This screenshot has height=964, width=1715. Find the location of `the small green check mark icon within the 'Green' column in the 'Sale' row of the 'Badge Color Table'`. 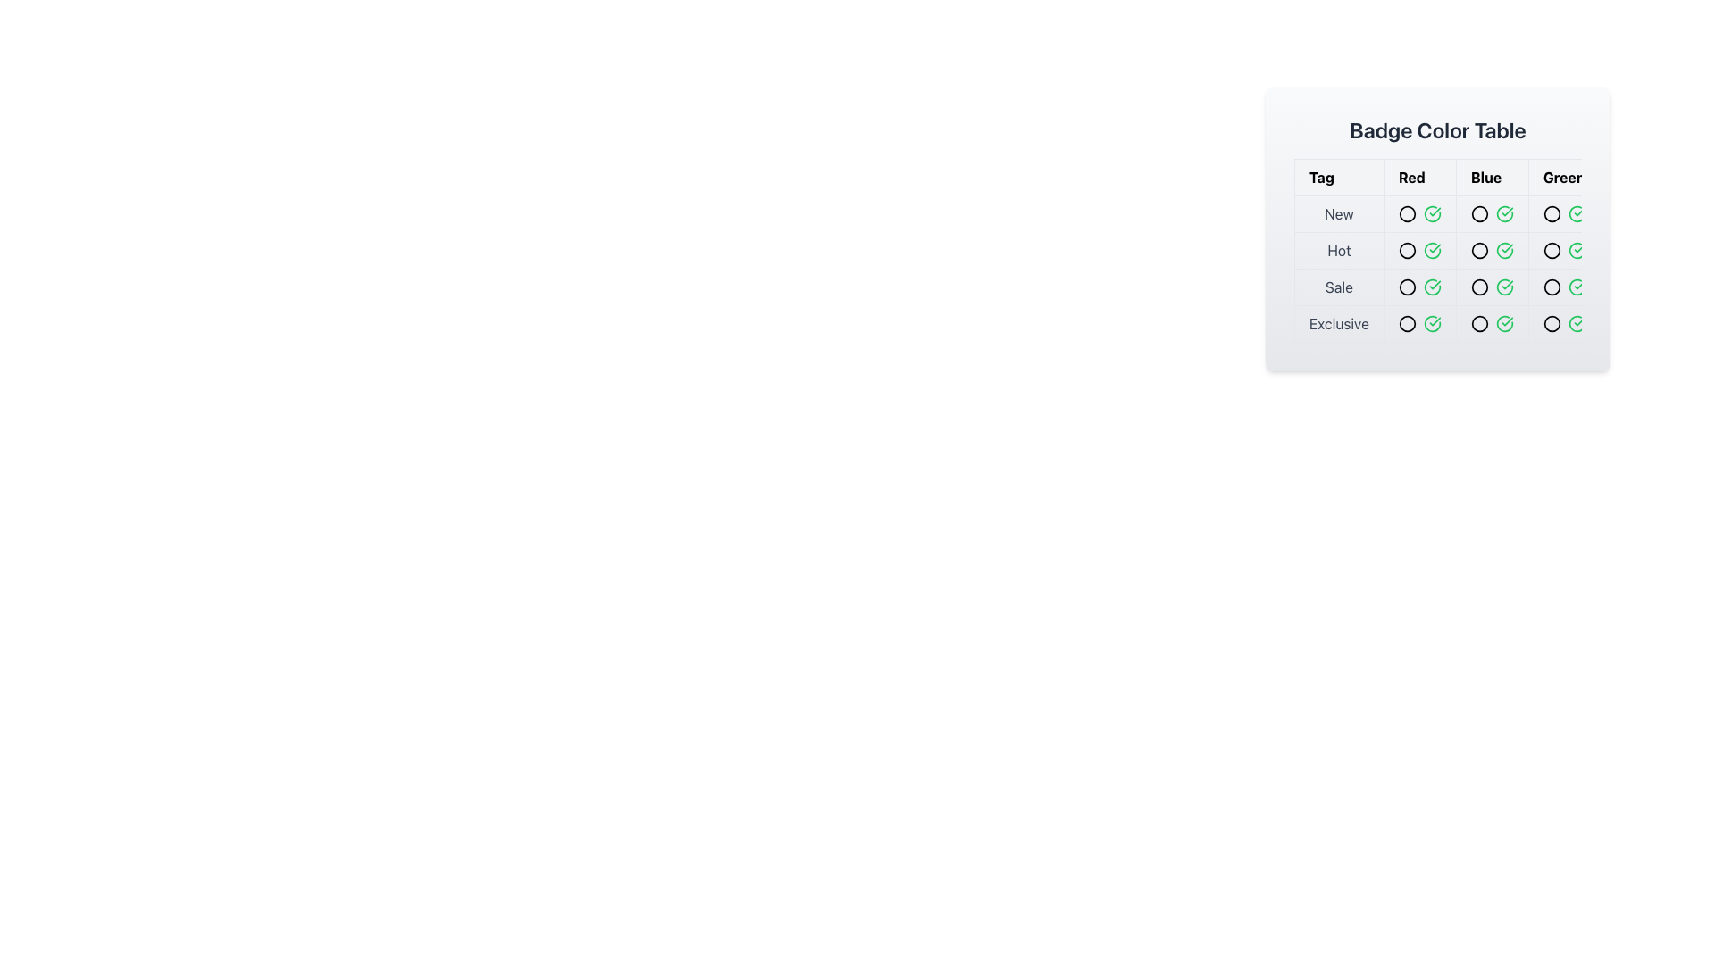

the small green check mark icon within the 'Green' column in the 'Sale' row of the 'Badge Color Table' is located at coordinates (1563, 286).